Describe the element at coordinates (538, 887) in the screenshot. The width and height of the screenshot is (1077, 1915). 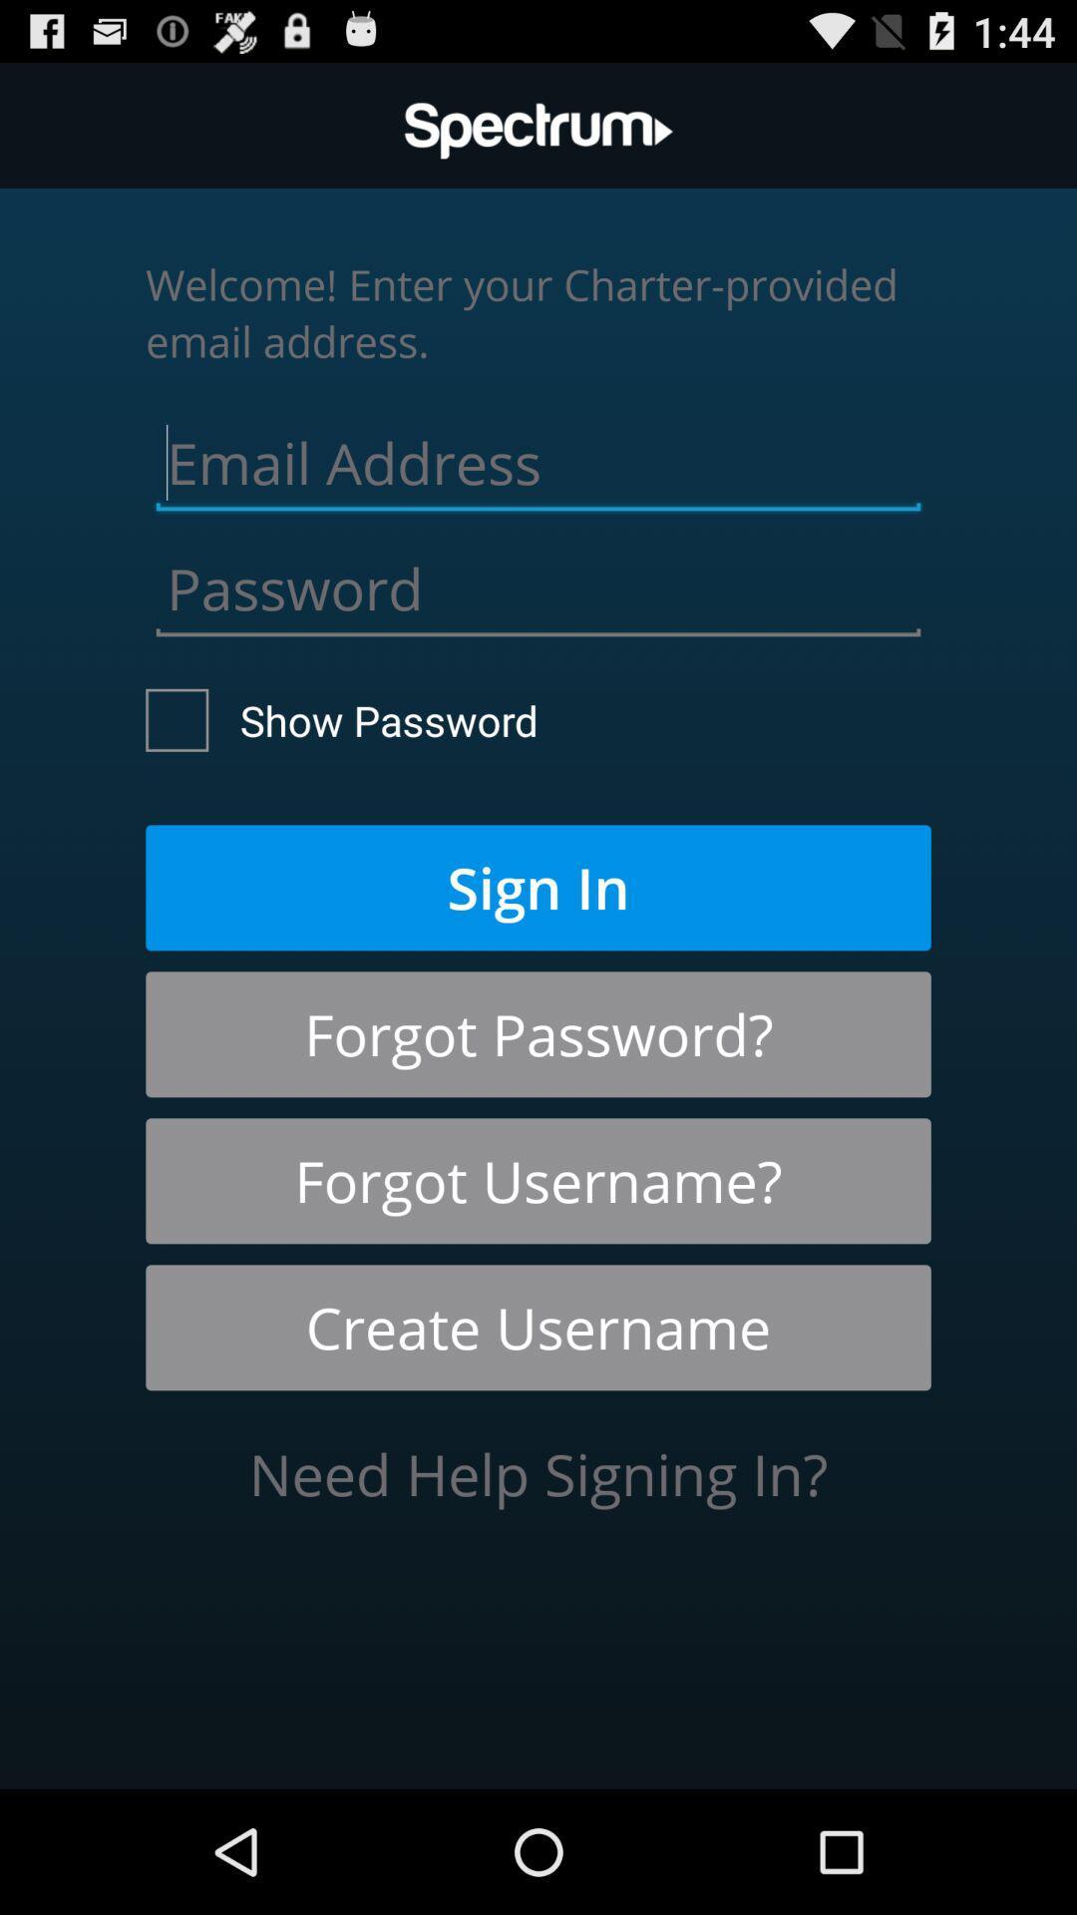
I see `the icon above forgot password? item` at that location.